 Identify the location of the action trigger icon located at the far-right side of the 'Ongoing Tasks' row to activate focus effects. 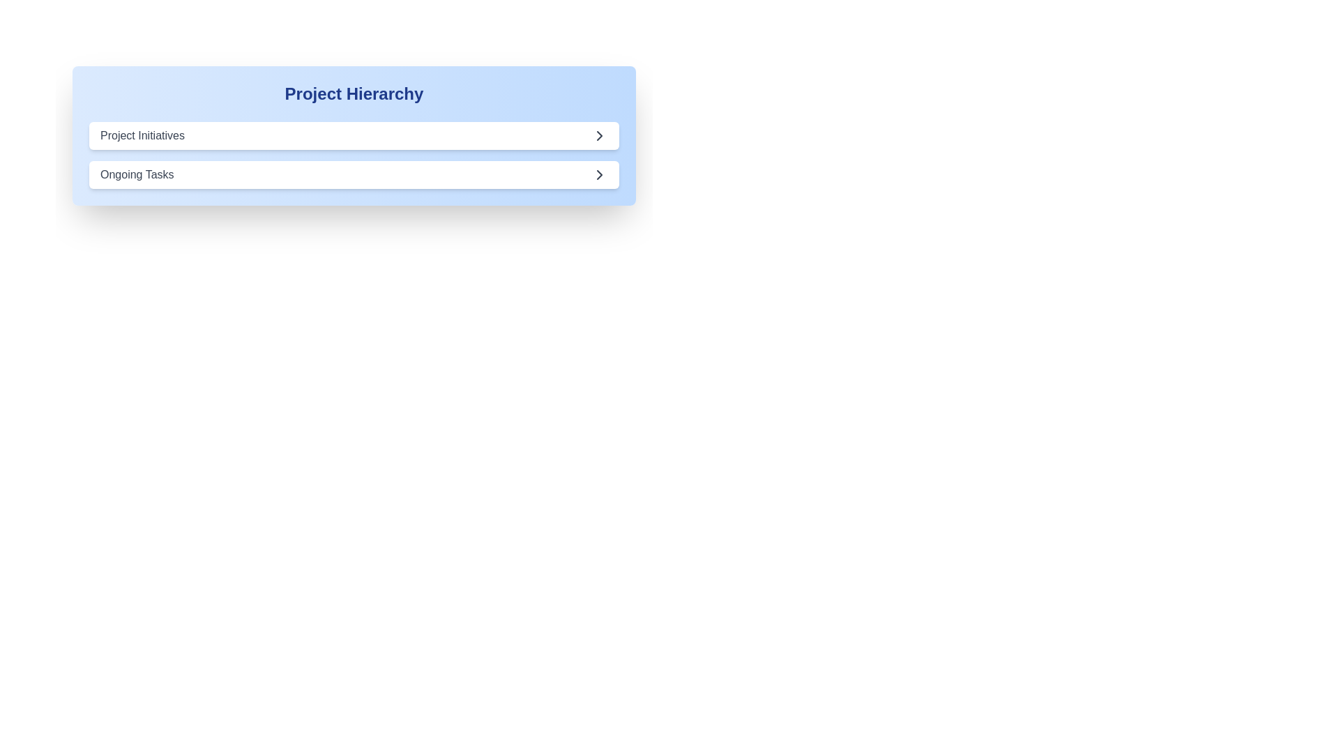
(599, 174).